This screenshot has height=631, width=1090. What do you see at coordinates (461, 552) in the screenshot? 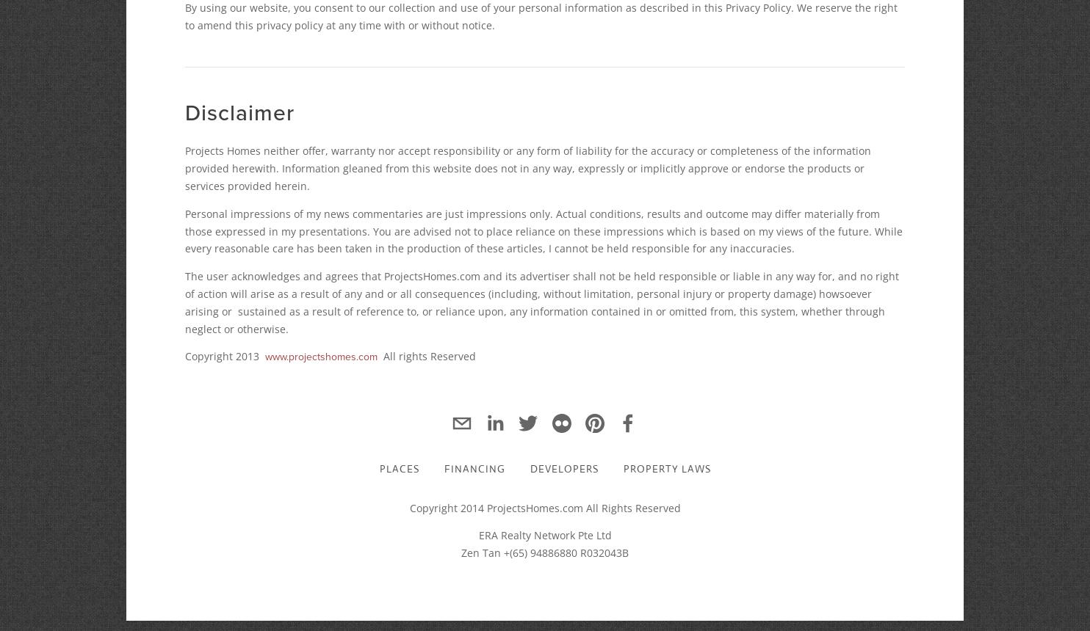
I see `'Zen Tan'` at bounding box center [461, 552].